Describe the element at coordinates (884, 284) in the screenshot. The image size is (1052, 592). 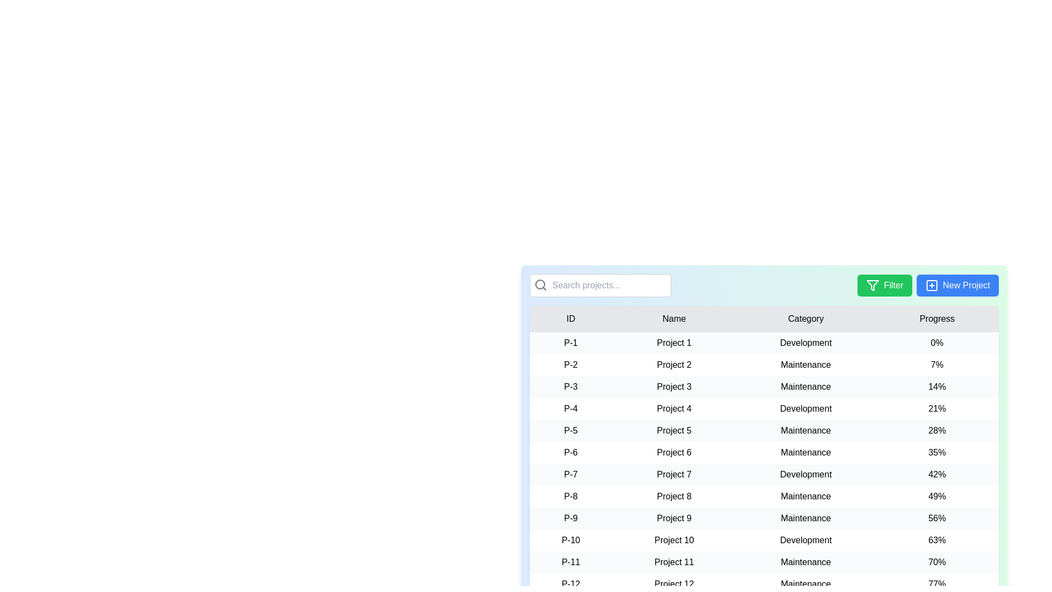
I see `the 'Filter' button to apply a filter` at that location.